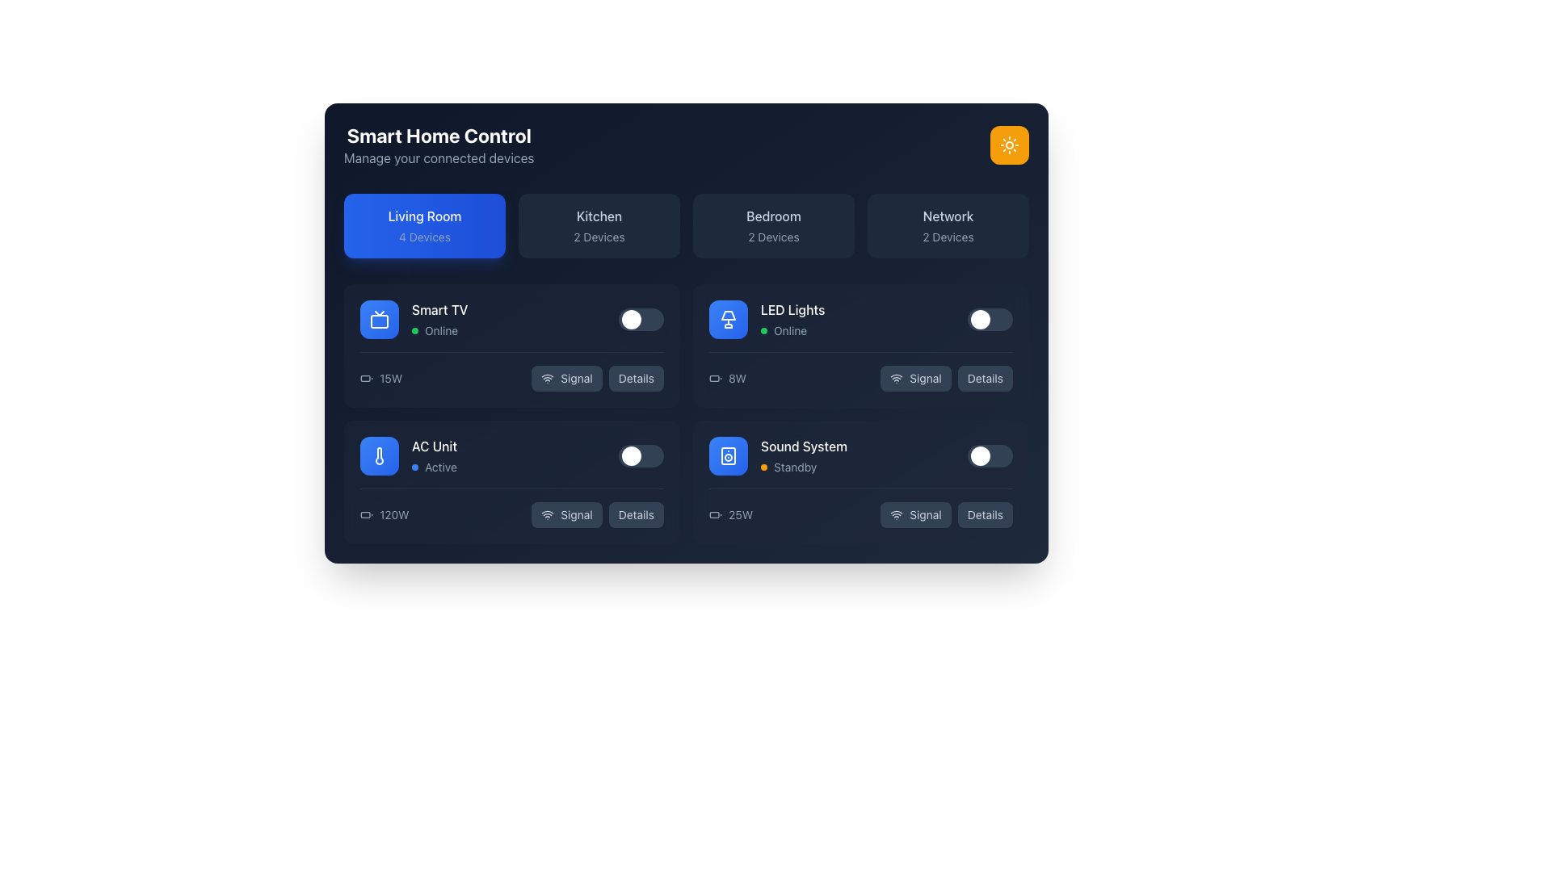 This screenshot has height=872, width=1551. I want to click on the 'Sound System' device status tile located in the living room section of the smart home control interface, so click(778, 455).